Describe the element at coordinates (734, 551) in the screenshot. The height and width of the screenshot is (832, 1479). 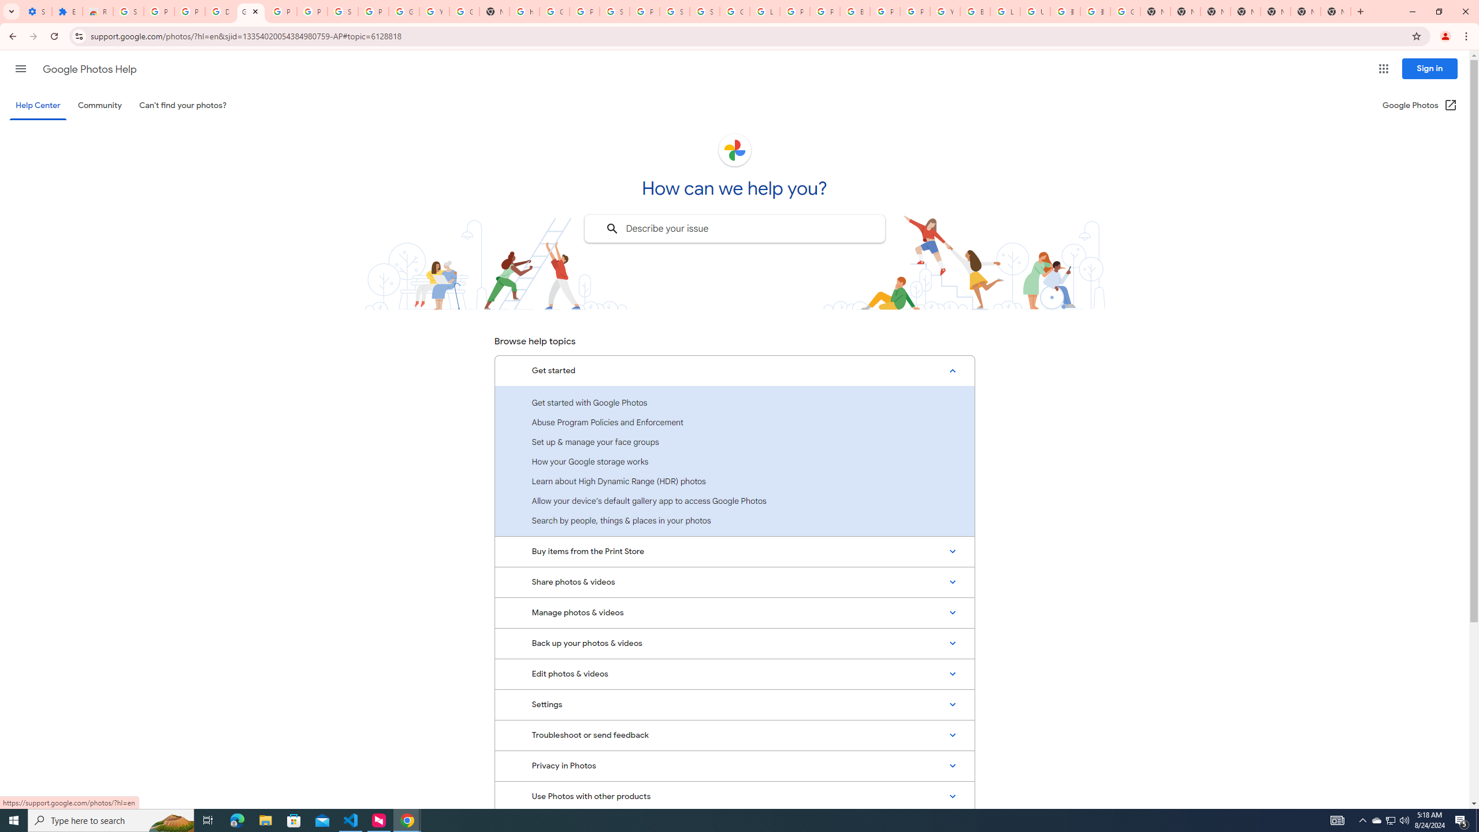
I see `'Buy items from the Print Store'` at that location.